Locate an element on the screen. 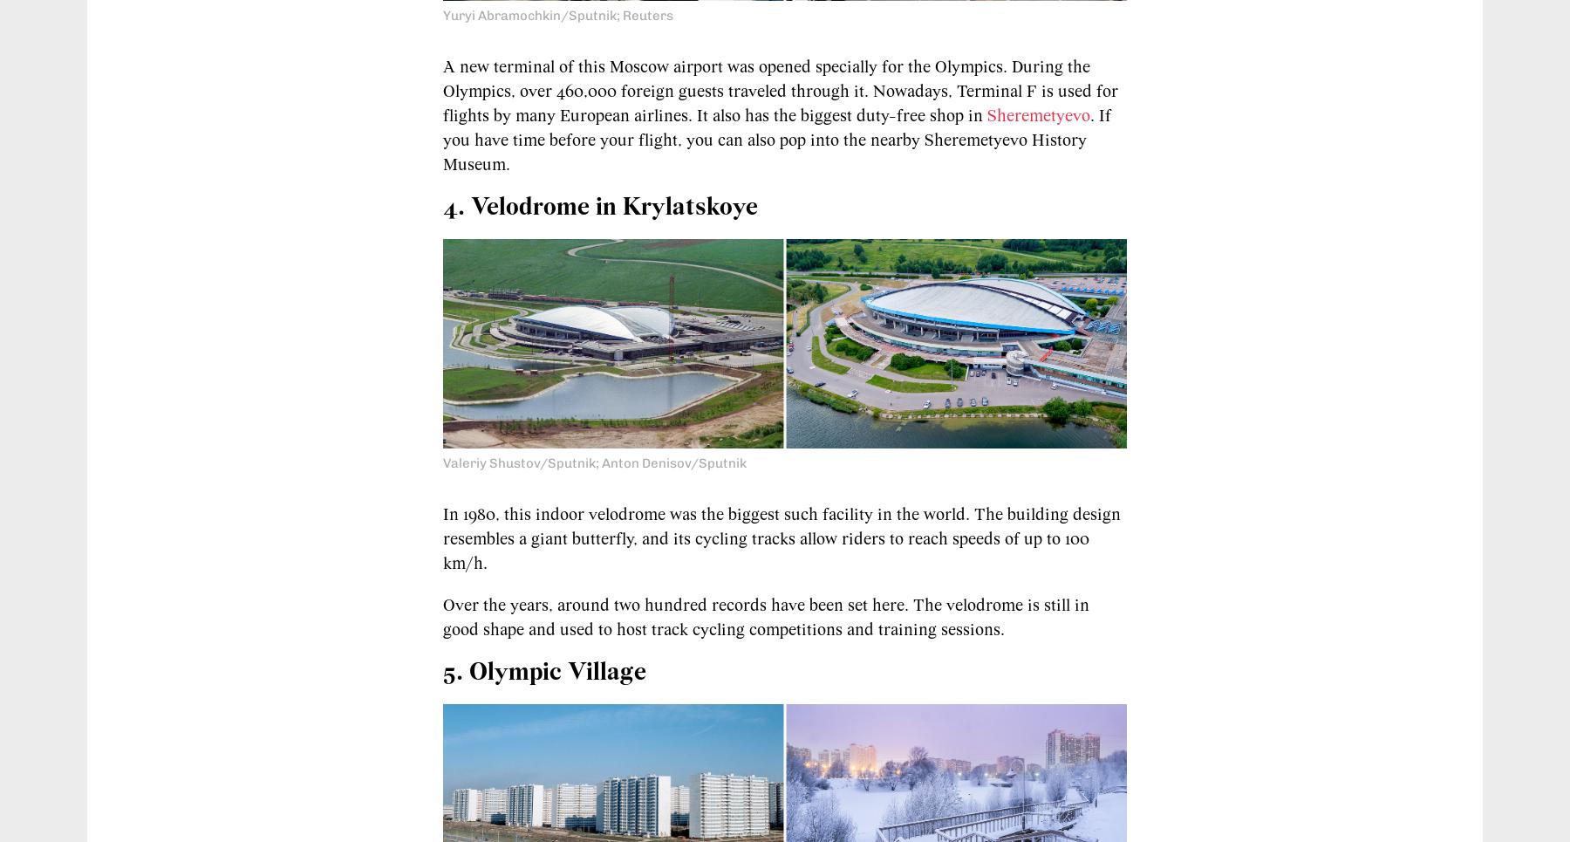  '. If you have time before your flight, you can also pop into the nearby Sheremetyevo History Museum.' is located at coordinates (441, 139).